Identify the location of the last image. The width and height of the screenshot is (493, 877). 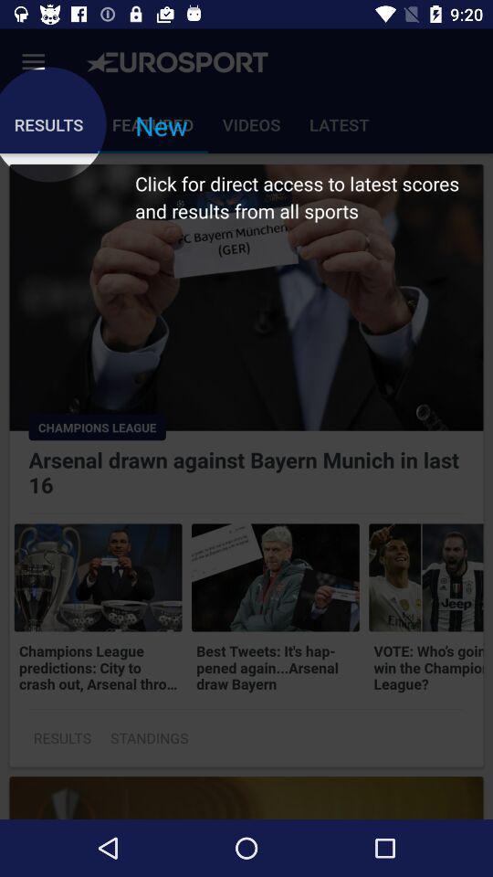
(425, 576).